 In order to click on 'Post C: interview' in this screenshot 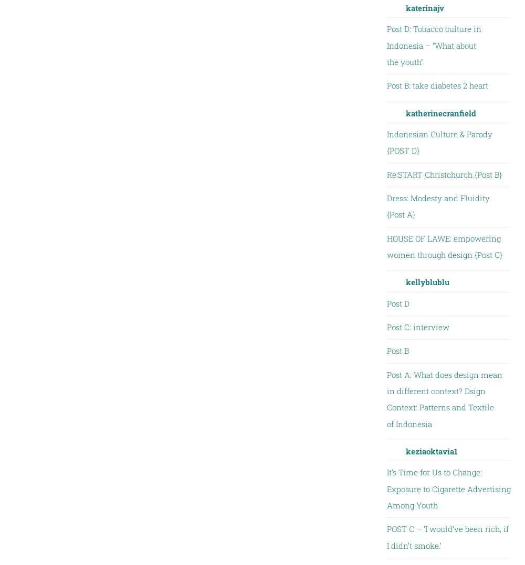, I will do `click(417, 325)`.